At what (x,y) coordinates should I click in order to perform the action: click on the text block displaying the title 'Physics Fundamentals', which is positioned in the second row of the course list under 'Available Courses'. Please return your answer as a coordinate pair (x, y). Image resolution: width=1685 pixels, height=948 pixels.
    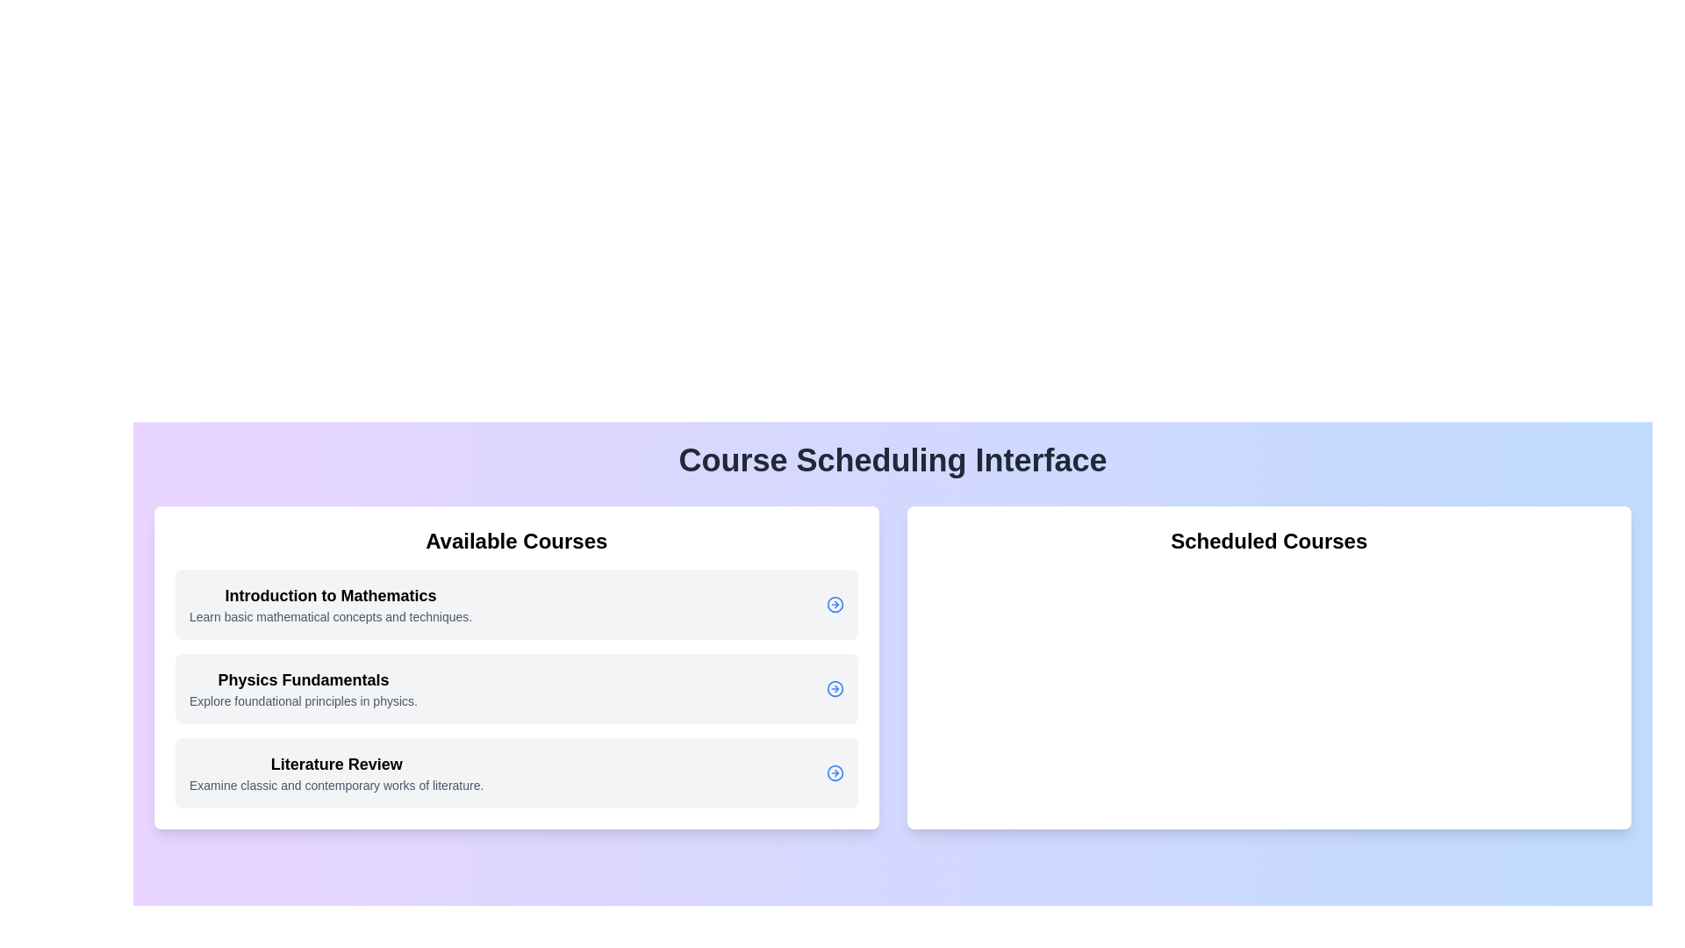
    Looking at the image, I should click on (303, 679).